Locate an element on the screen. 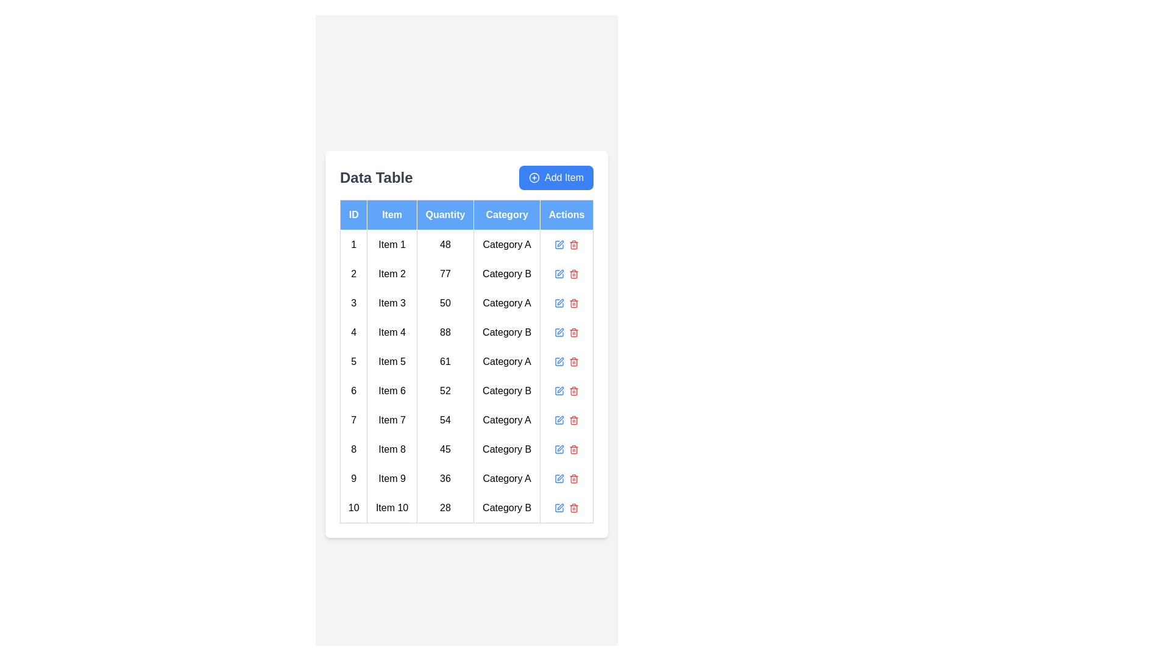 The image size is (1170, 658). the red delete icon in the Actions column of the table for Item 9 is located at coordinates (566, 478).